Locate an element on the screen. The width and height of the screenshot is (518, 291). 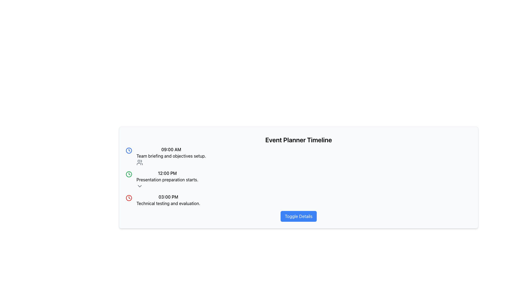
the visual representation of the circular outline that forms part of the clock icon indicating the 03:00 PM timeline entry in the timeline card is located at coordinates (129, 198).